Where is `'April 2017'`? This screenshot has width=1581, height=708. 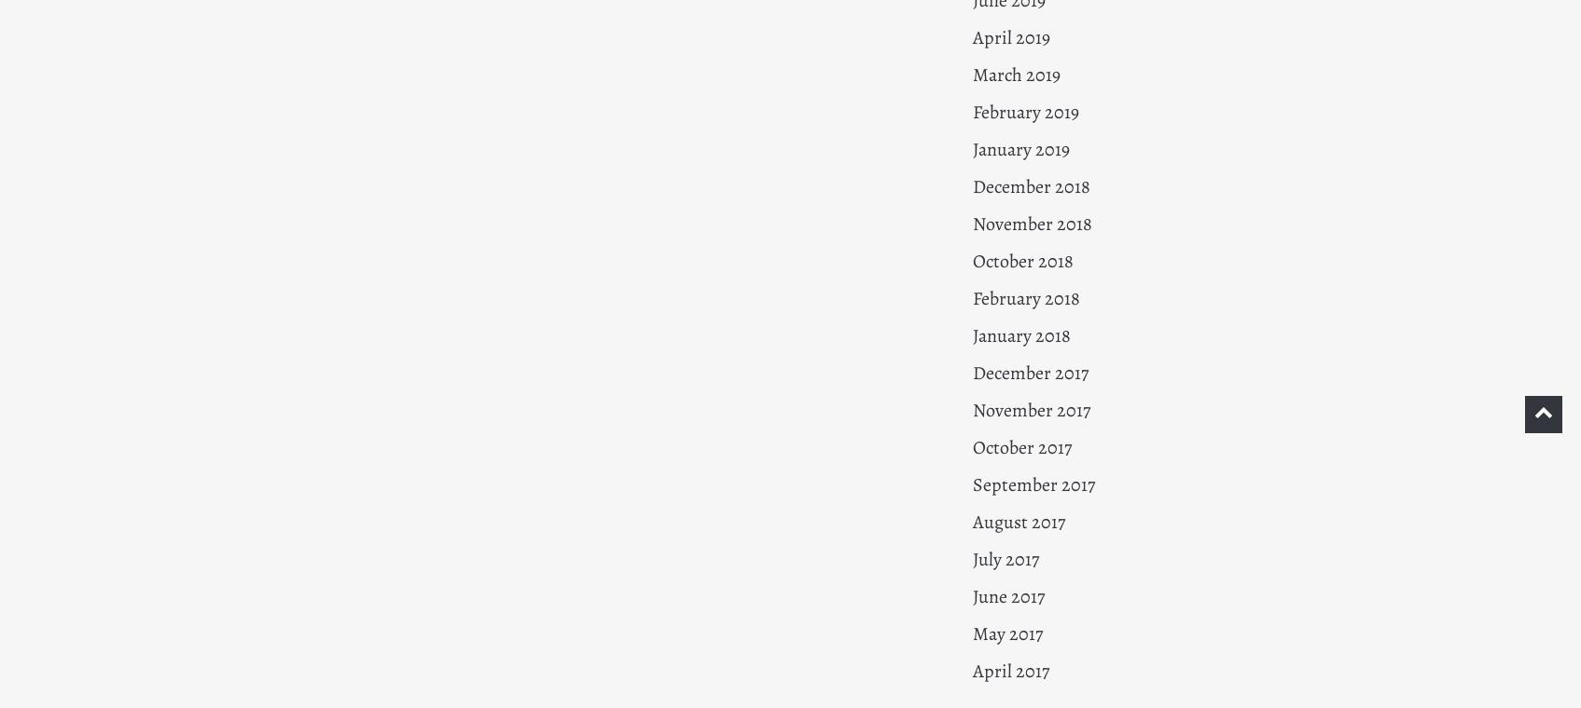
'April 2017' is located at coordinates (1009, 671).